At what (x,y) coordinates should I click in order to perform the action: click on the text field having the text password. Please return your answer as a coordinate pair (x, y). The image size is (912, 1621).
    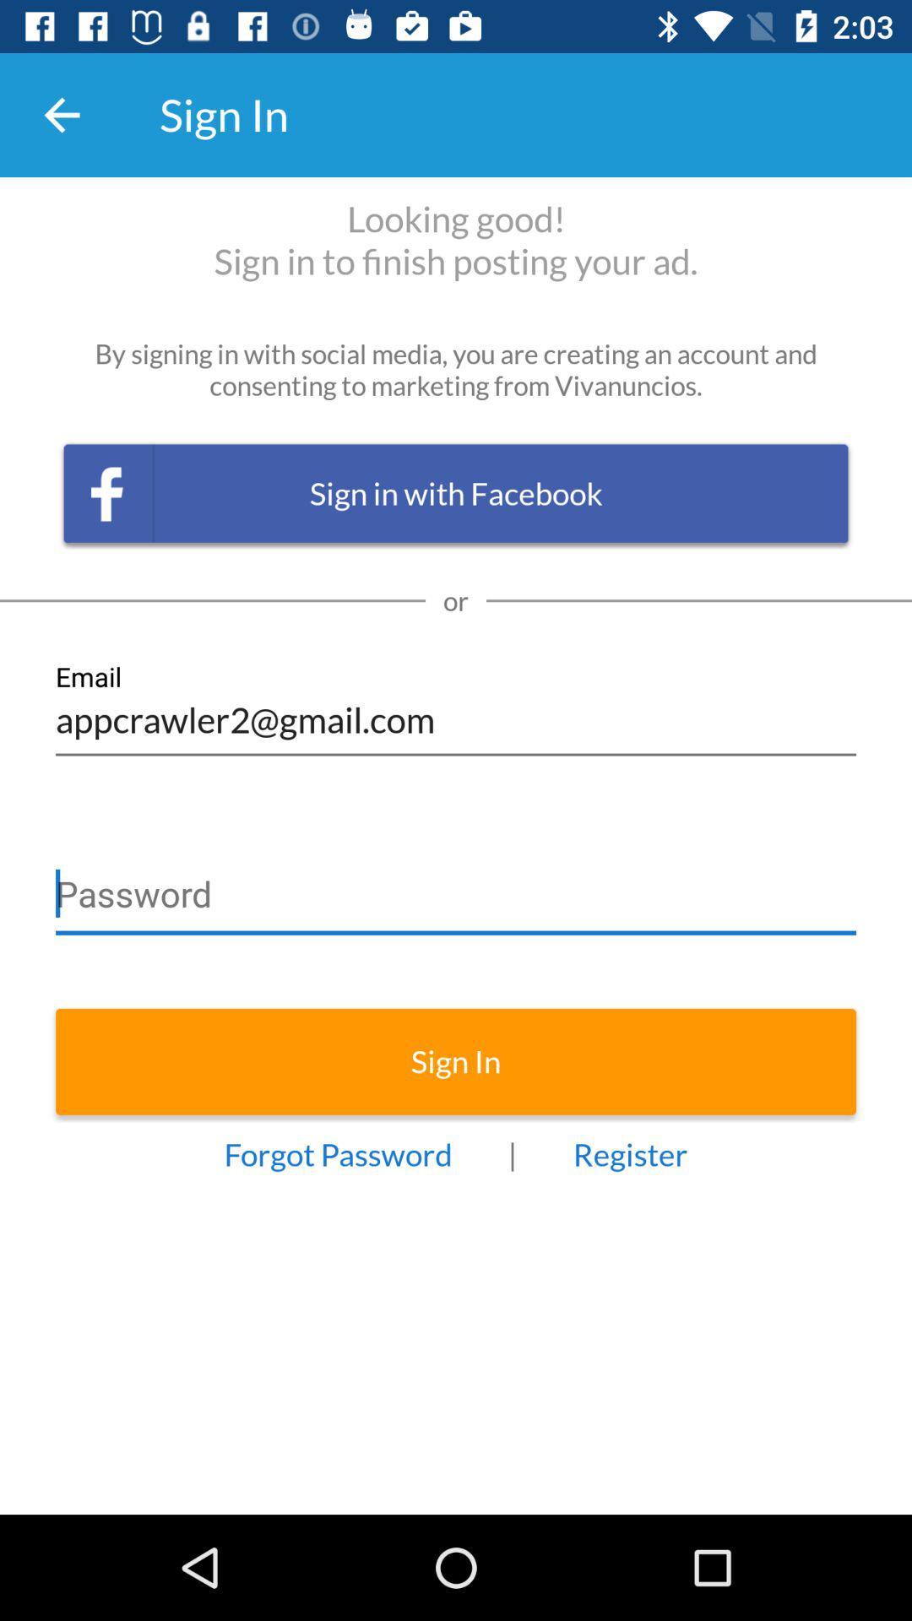
    Looking at the image, I should click on (456, 886).